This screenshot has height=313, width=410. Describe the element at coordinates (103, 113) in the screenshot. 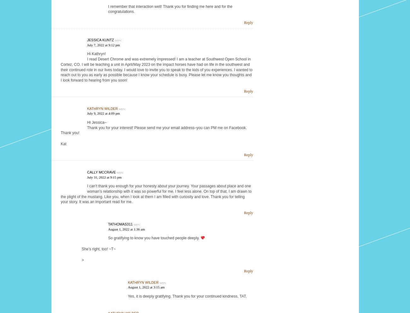

I see `'July 9, 2022 at 4:09 pm'` at that location.